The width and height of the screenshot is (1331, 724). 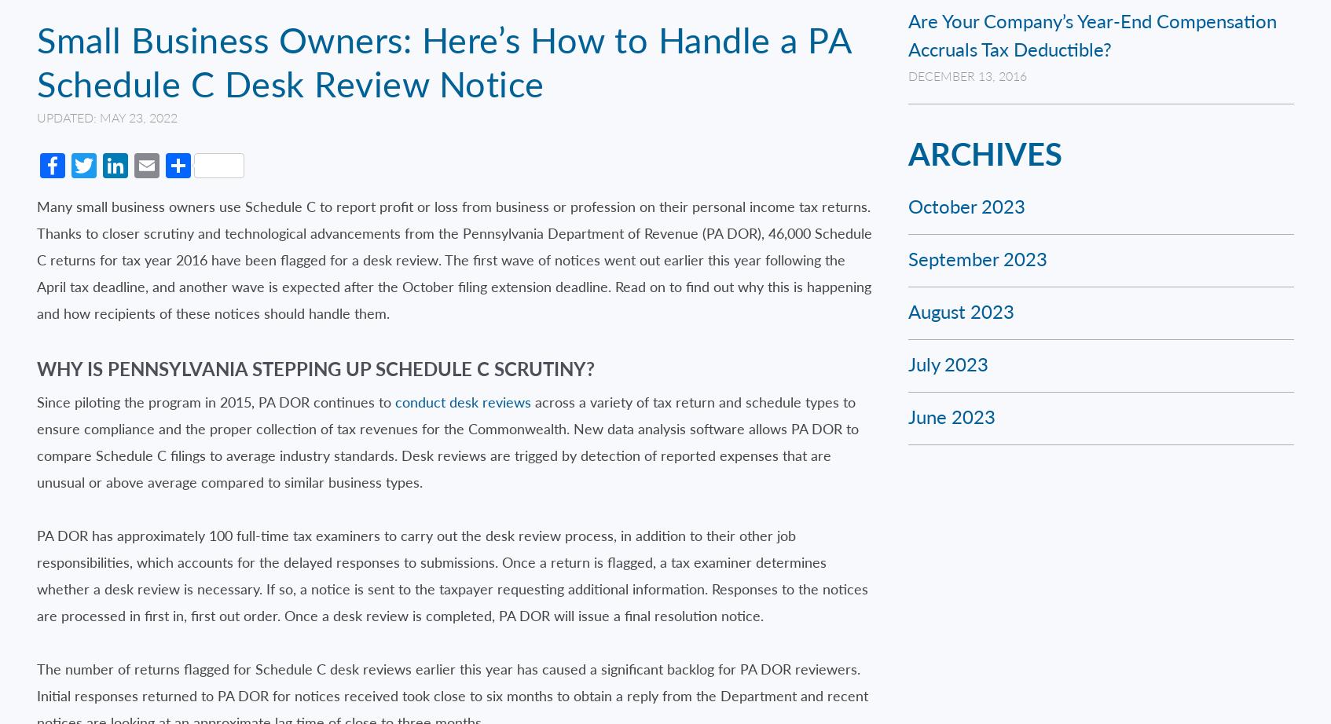 I want to click on 'July 2023', so click(x=947, y=364).